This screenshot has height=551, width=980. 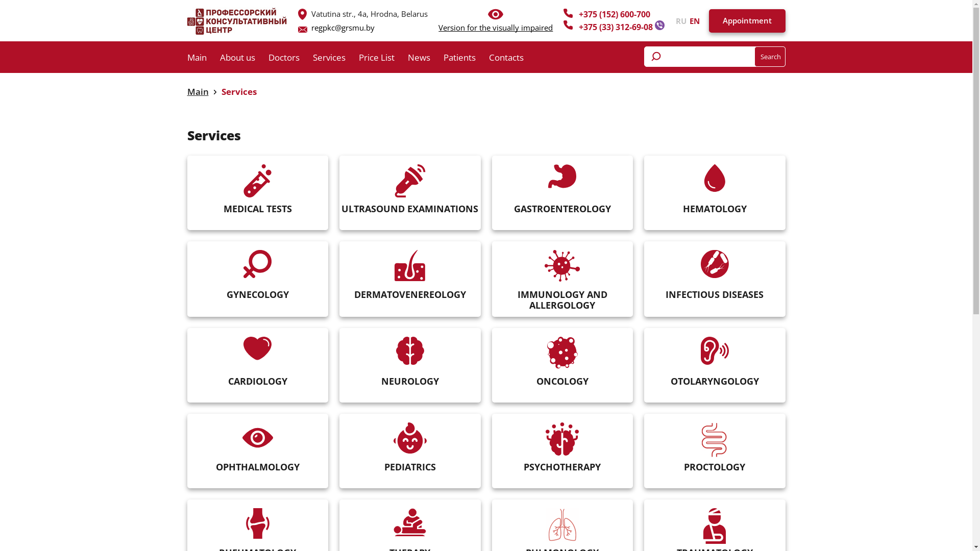 What do you see at coordinates (492, 450) in the screenshot?
I see `'PSYCHOTHERAPY'` at bounding box center [492, 450].